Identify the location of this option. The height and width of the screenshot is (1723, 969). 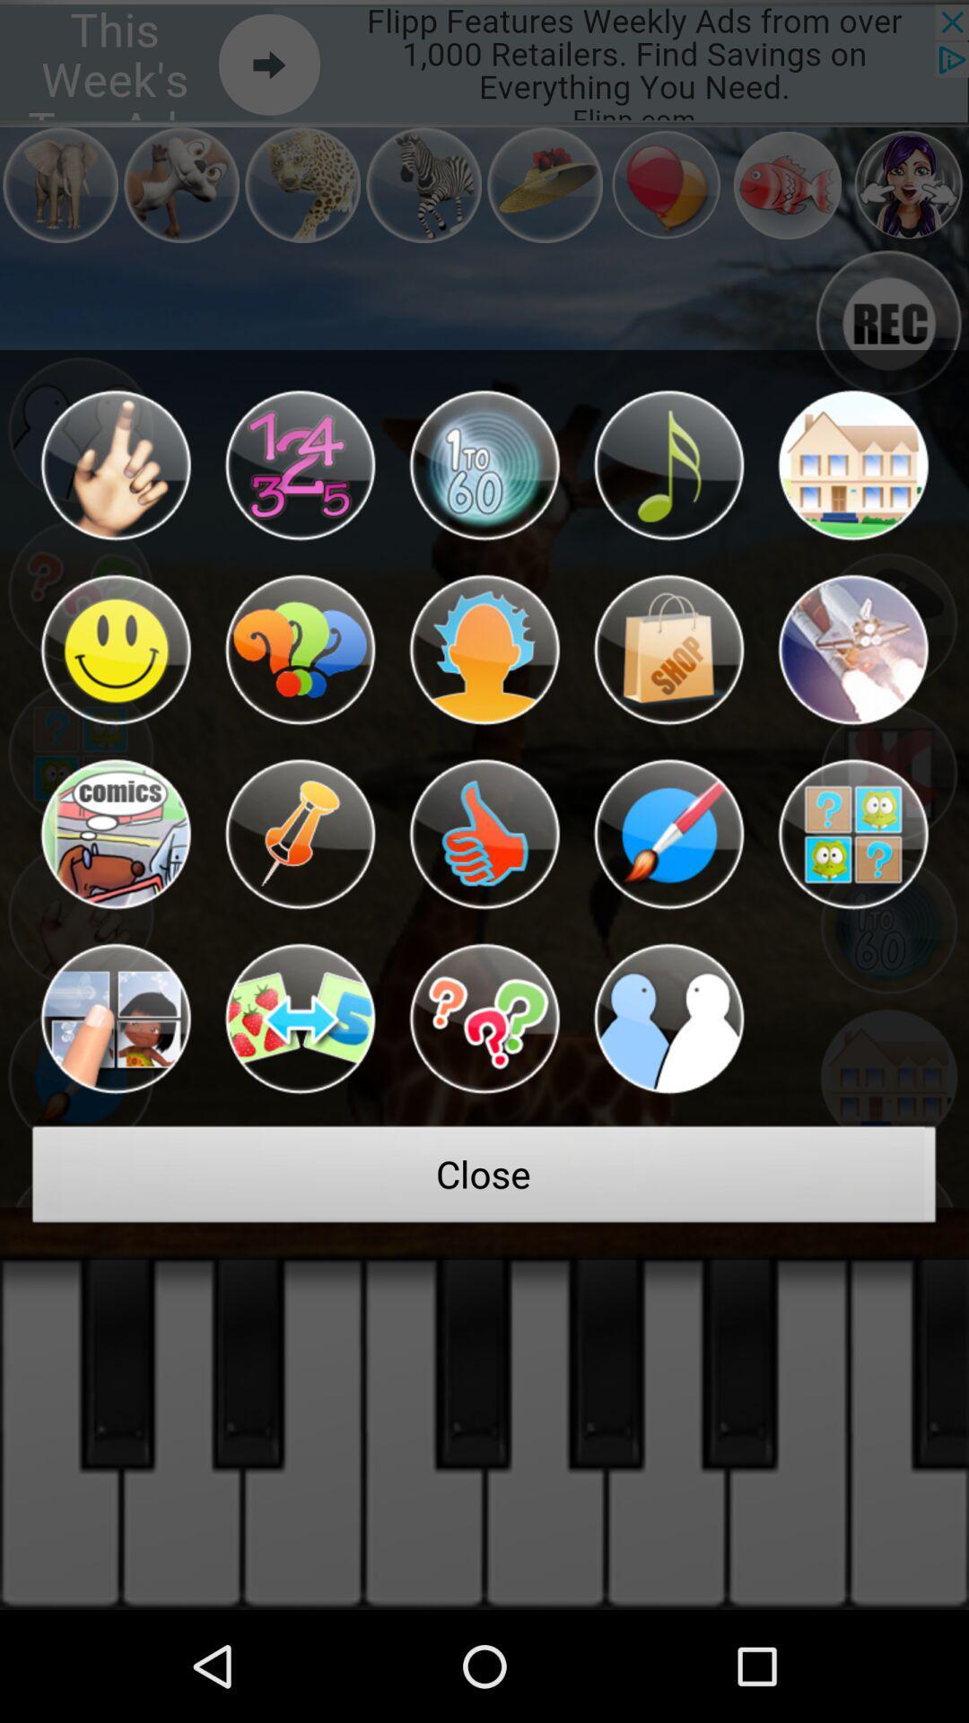
(299, 1019).